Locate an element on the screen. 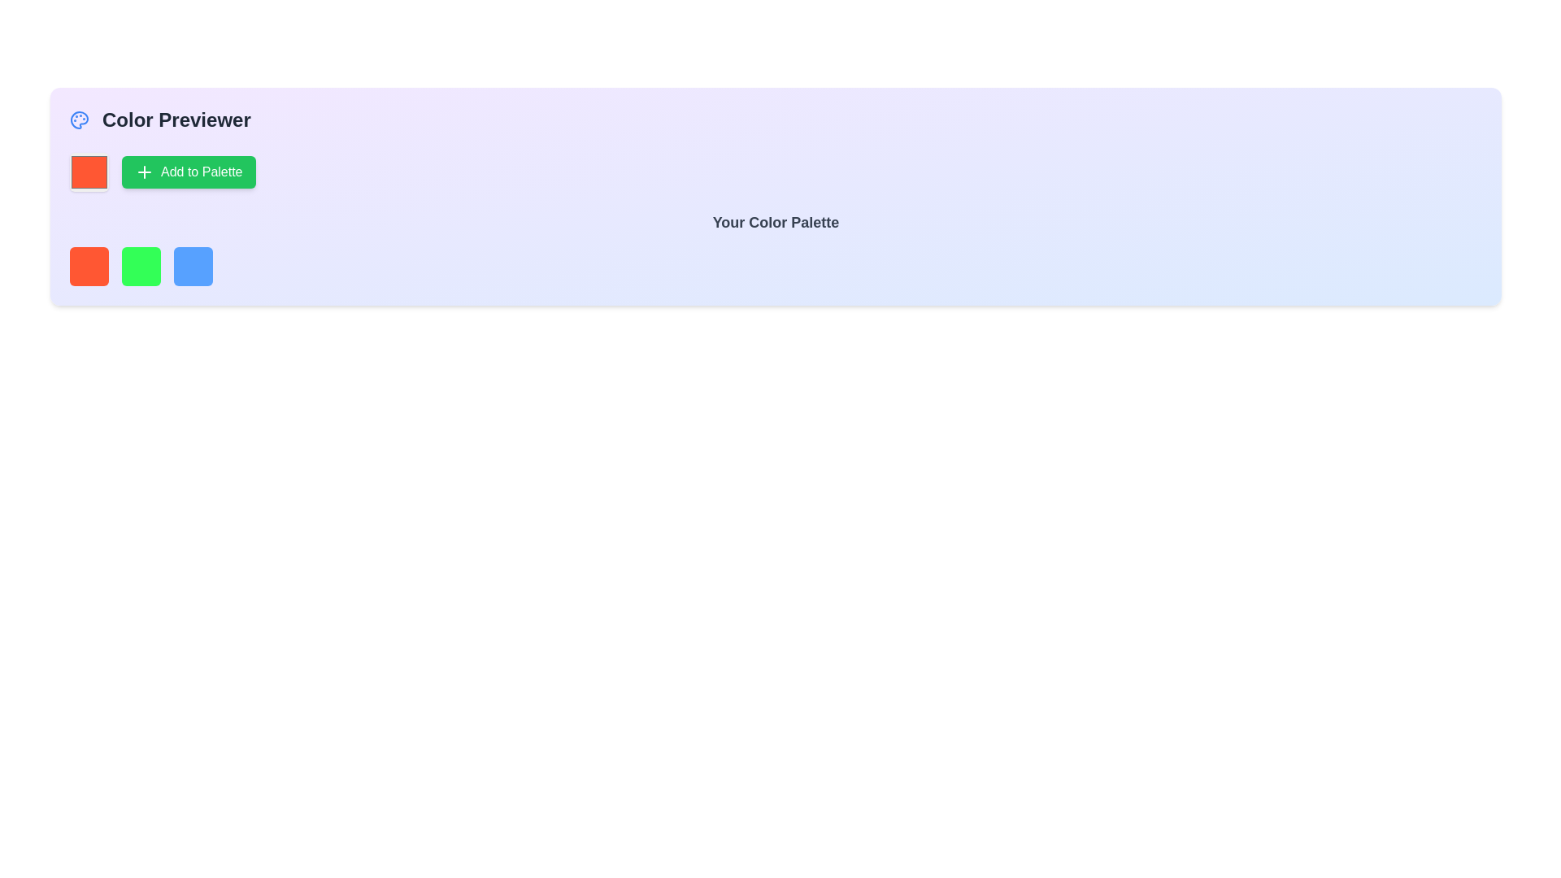  the bright orange color preview tile with rounded corners is located at coordinates (89, 172).